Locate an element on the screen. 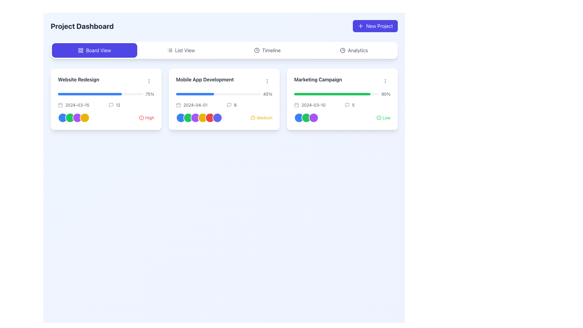  the static date display text label associated with the 'Marketing Campaign' project card, located in the bottom-left section next to the calendar icon is located at coordinates (313, 105).